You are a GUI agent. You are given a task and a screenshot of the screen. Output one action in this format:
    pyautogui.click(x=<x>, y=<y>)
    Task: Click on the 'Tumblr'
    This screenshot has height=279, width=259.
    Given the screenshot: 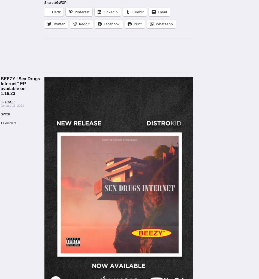 What is the action you would take?
    pyautogui.click(x=131, y=12)
    